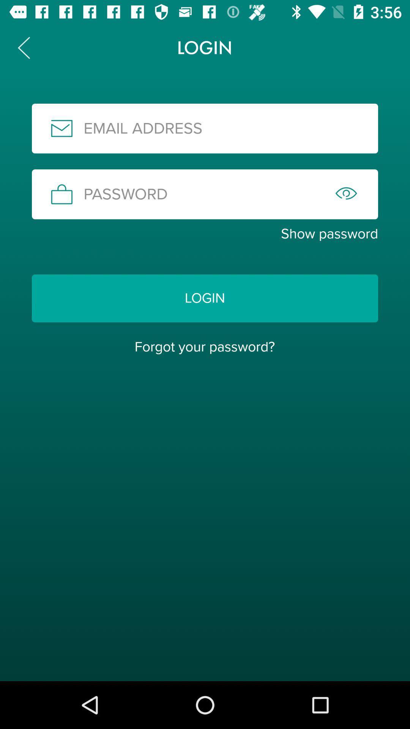  Describe the element at coordinates (205, 194) in the screenshot. I see `type password` at that location.